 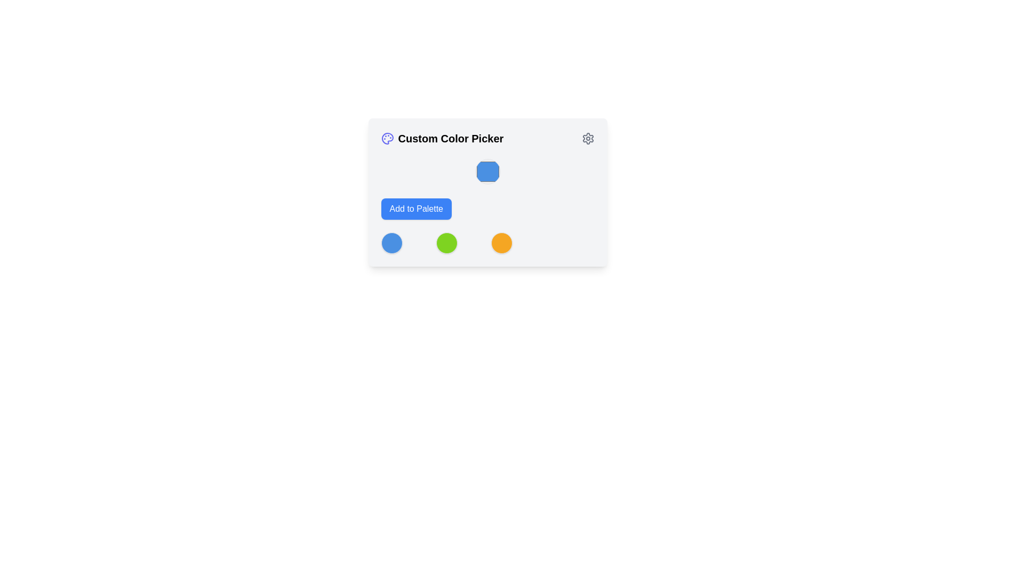 I want to click on the selected color circle from the Interactive color selection grid, so click(x=487, y=243).